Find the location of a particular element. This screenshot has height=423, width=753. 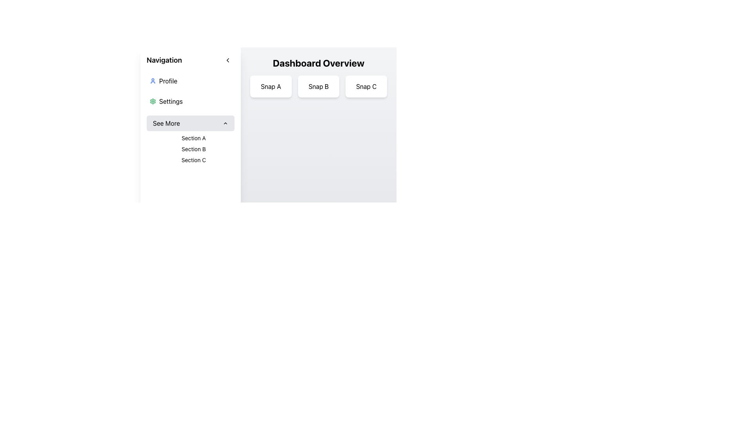

text label displaying 'Section C', which is the last item in the dropdown menu of sections is located at coordinates (194, 159).